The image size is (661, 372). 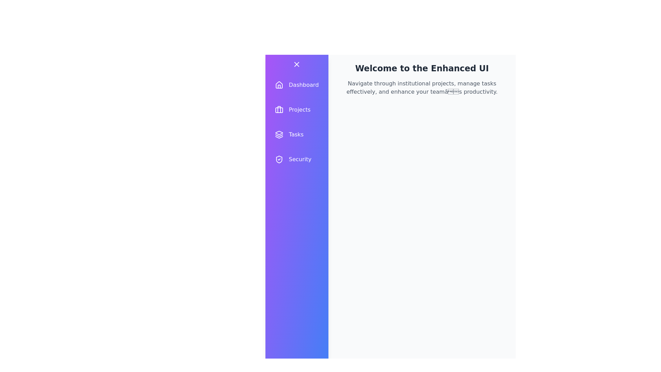 I want to click on the second button in the left-hand vertical navigation menu, so click(x=297, y=110).